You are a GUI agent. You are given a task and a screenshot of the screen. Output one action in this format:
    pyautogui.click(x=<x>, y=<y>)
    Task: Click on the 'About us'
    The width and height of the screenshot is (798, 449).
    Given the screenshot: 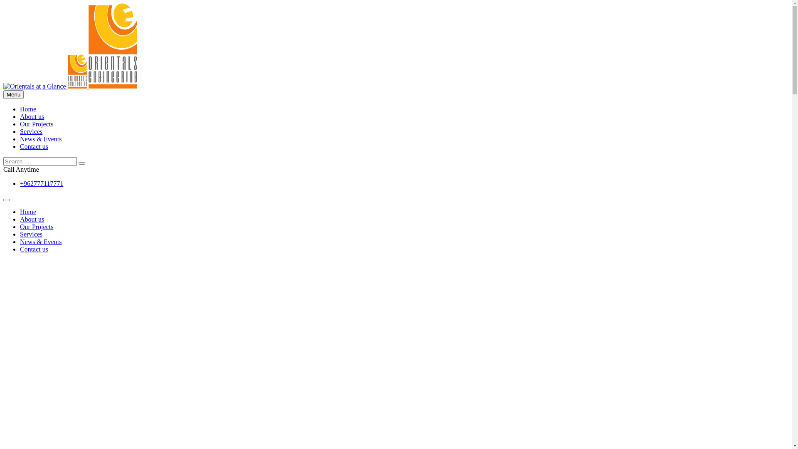 What is the action you would take?
    pyautogui.click(x=32, y=219)
    